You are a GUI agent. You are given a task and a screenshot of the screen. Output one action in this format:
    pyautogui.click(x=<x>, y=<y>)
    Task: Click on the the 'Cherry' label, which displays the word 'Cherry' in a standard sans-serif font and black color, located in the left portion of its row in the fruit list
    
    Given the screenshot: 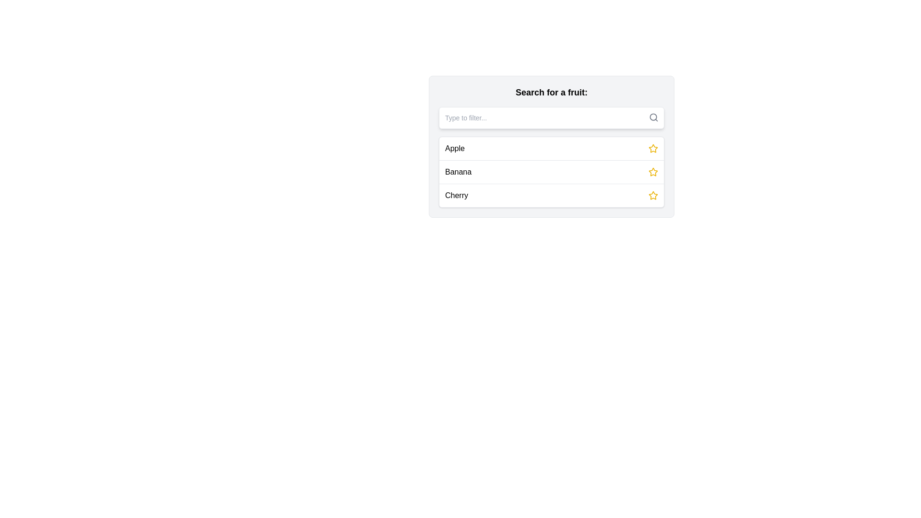 What is the action you would take?
    pyautogui.click(x=456, y=195)
    